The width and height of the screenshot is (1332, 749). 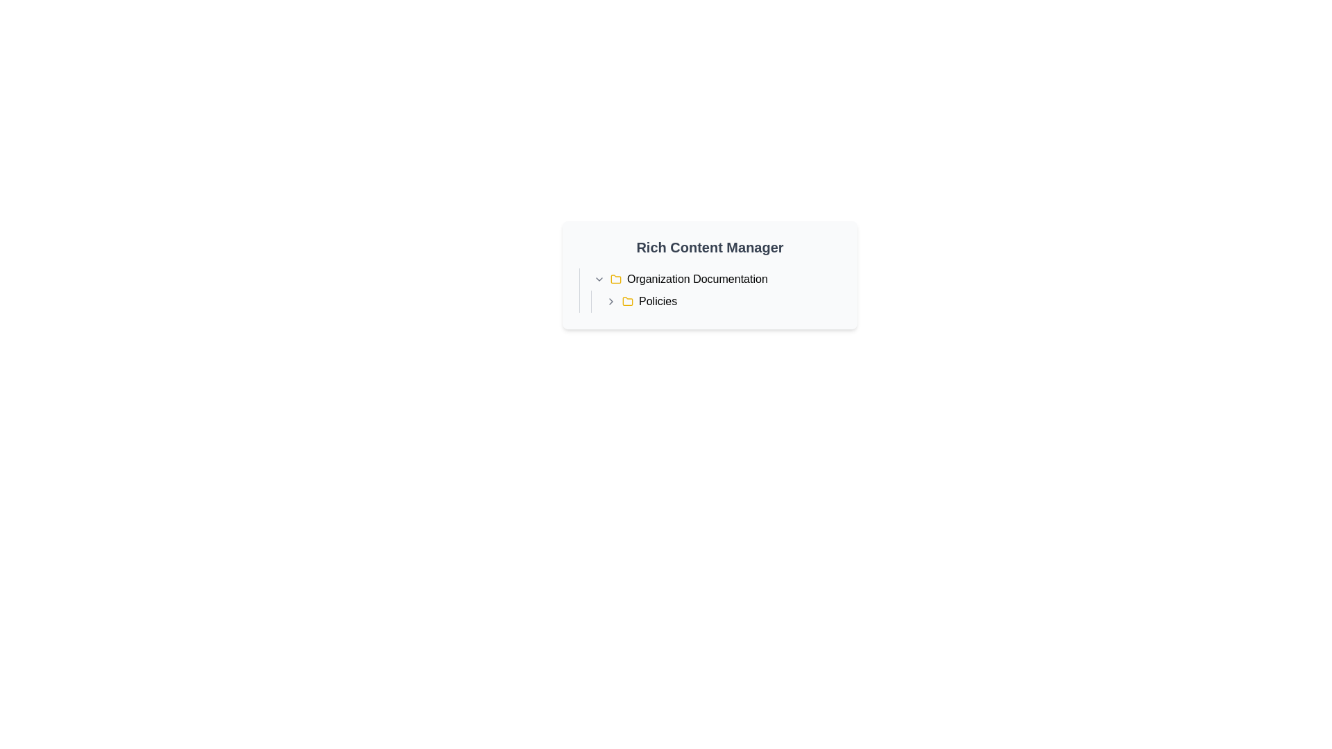 I want to click on the 'Policies' list item under the 'Organization Documentation' section in the 'Rich Content Manager' interface, so click(x=721, y=301).